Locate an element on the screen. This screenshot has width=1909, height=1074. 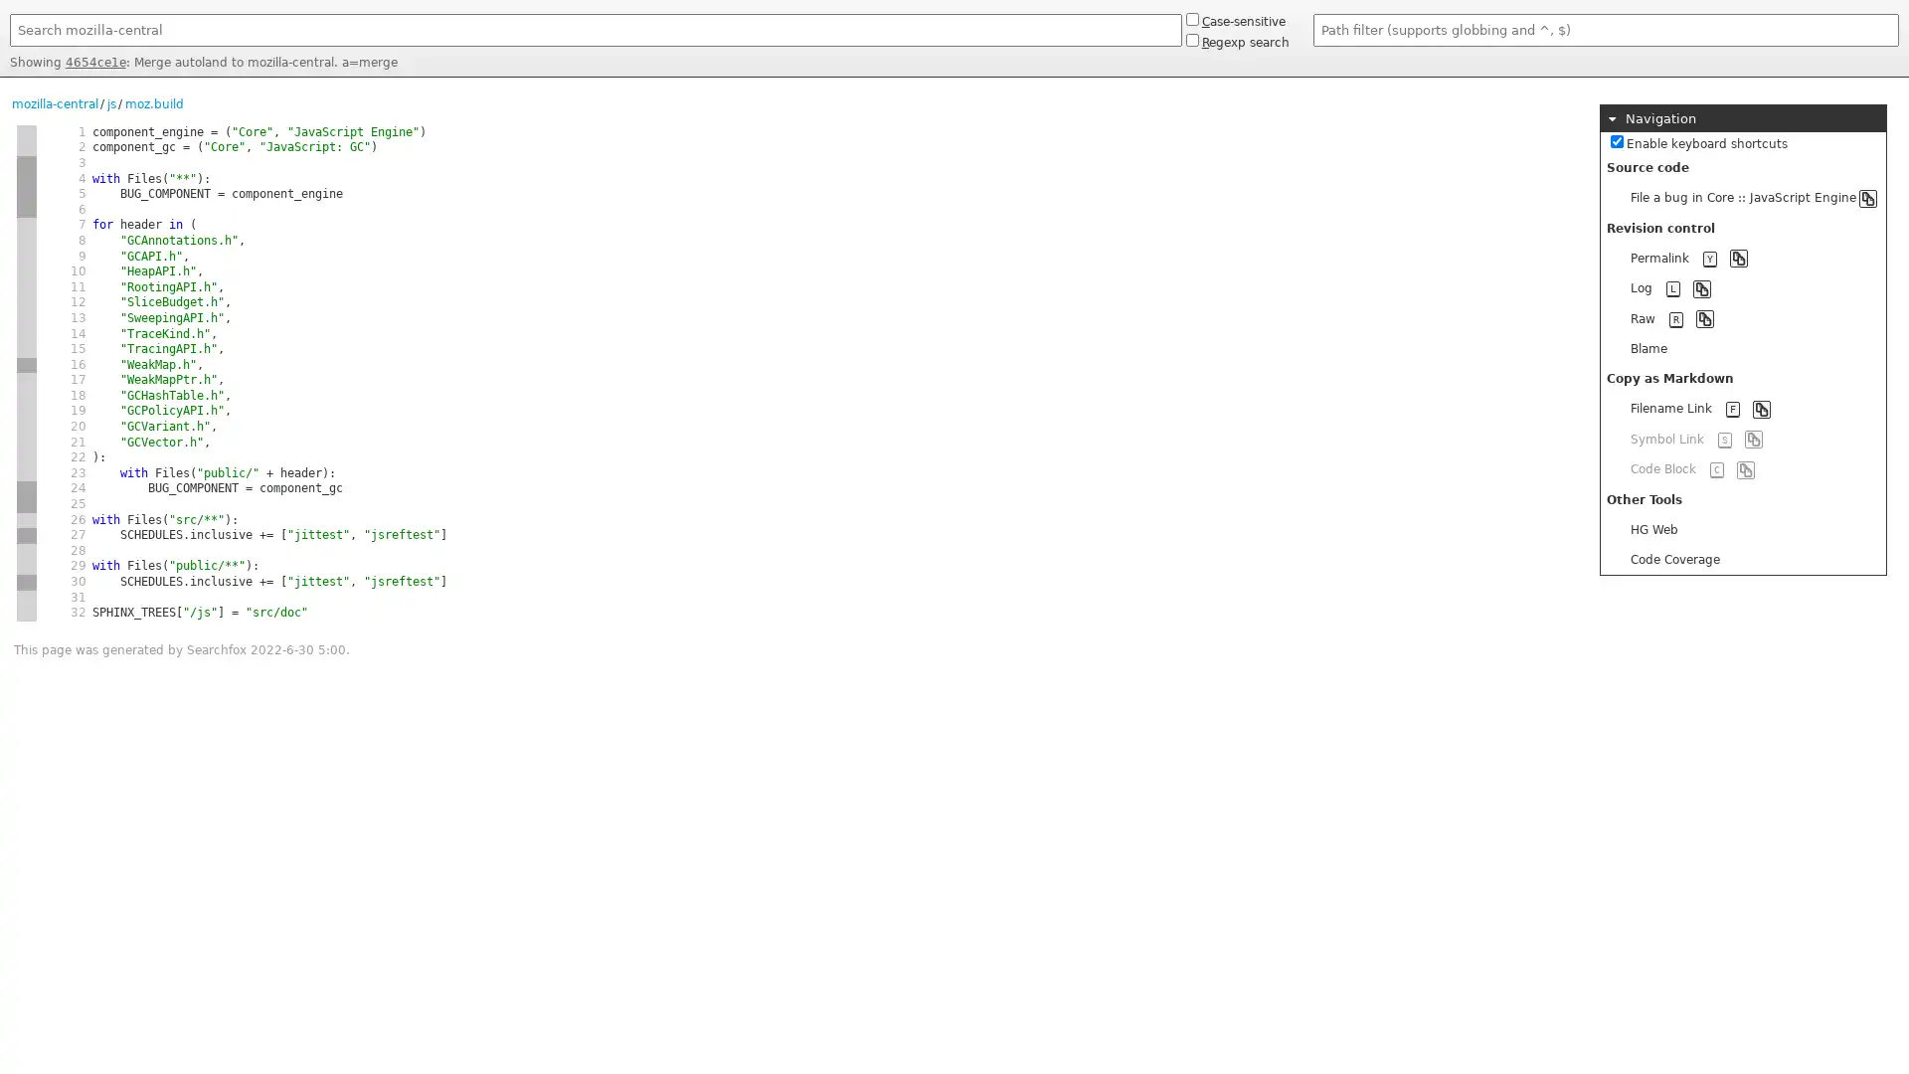
same hash 1 is located at coordinates (27, 332).